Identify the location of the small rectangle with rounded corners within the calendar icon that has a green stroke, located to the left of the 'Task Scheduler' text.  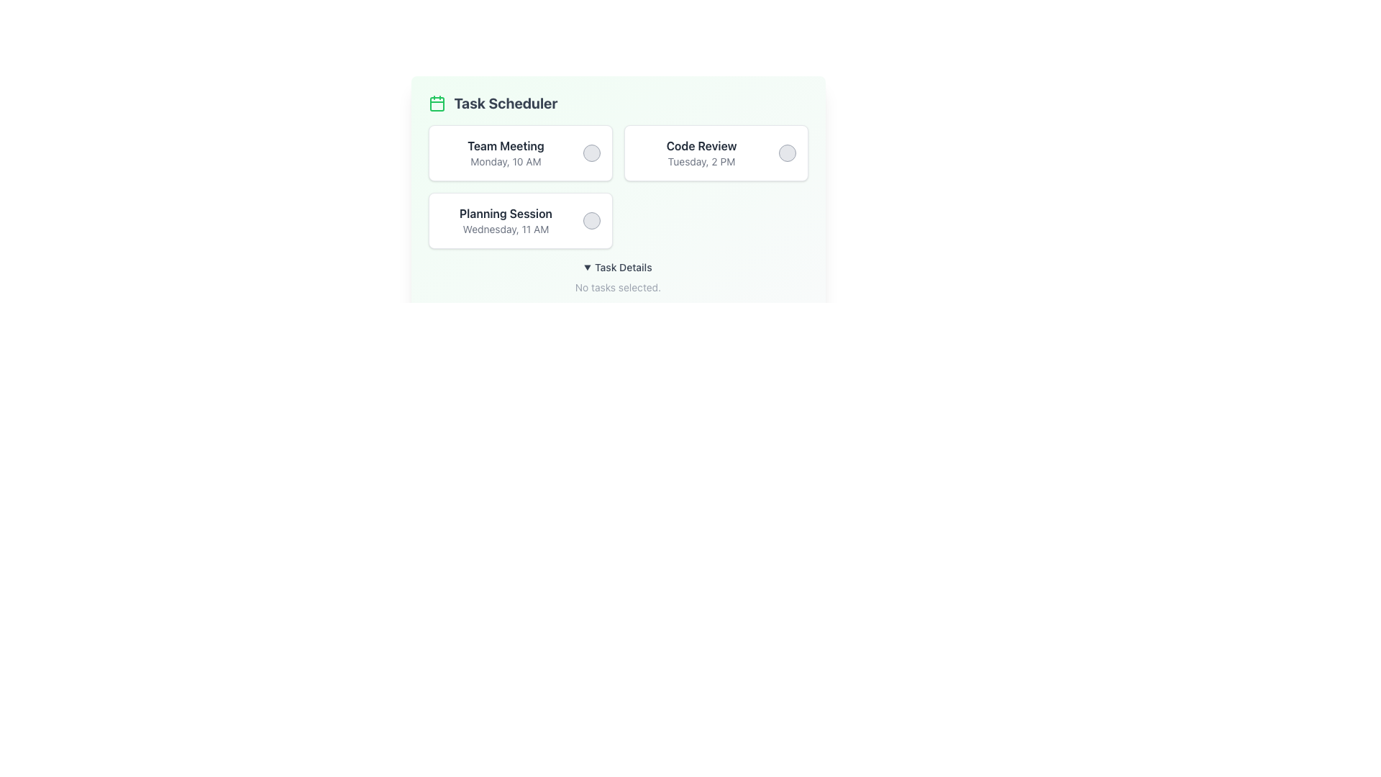
(436, 104).